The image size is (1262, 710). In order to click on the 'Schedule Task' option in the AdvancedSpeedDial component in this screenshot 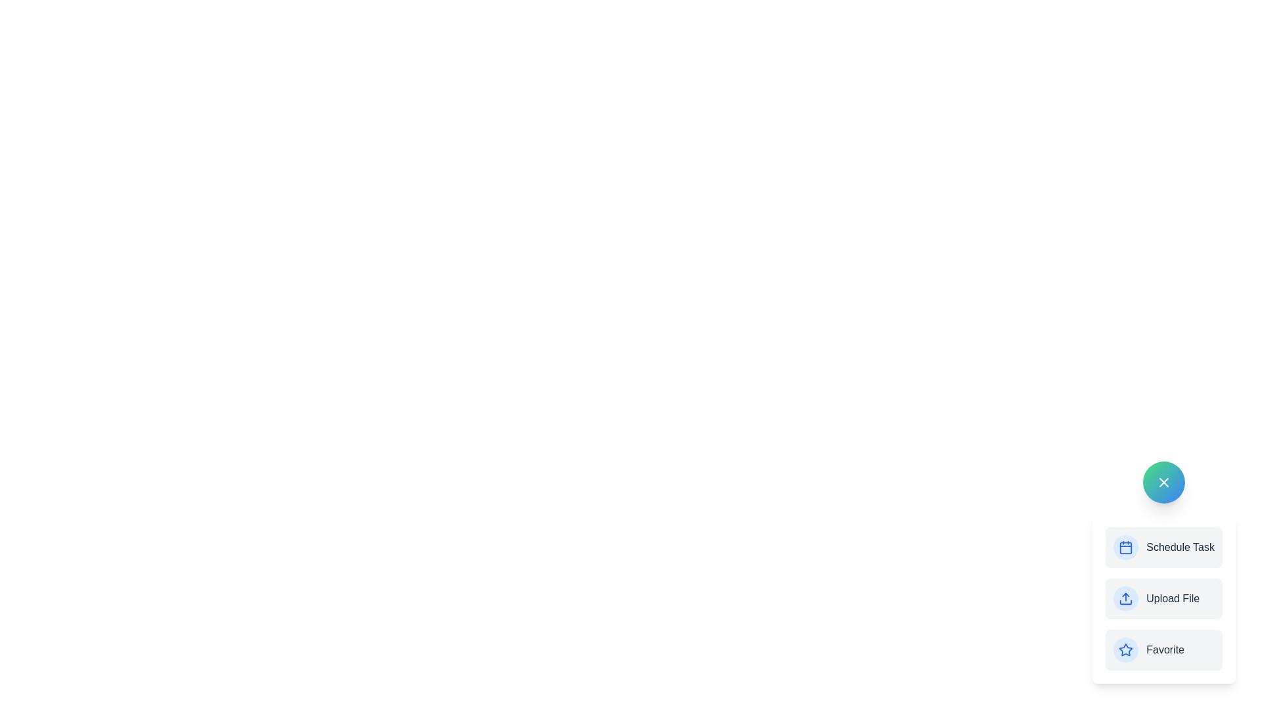, I will do `click(1164, 548)`.